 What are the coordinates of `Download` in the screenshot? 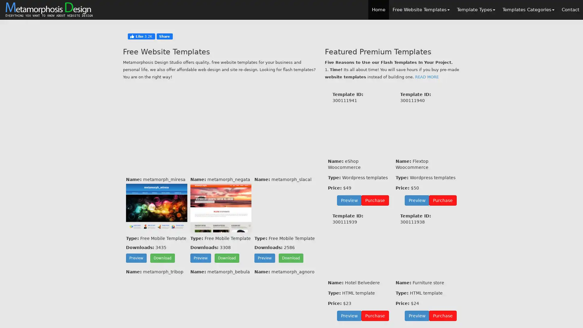 It's located at (226, 258).